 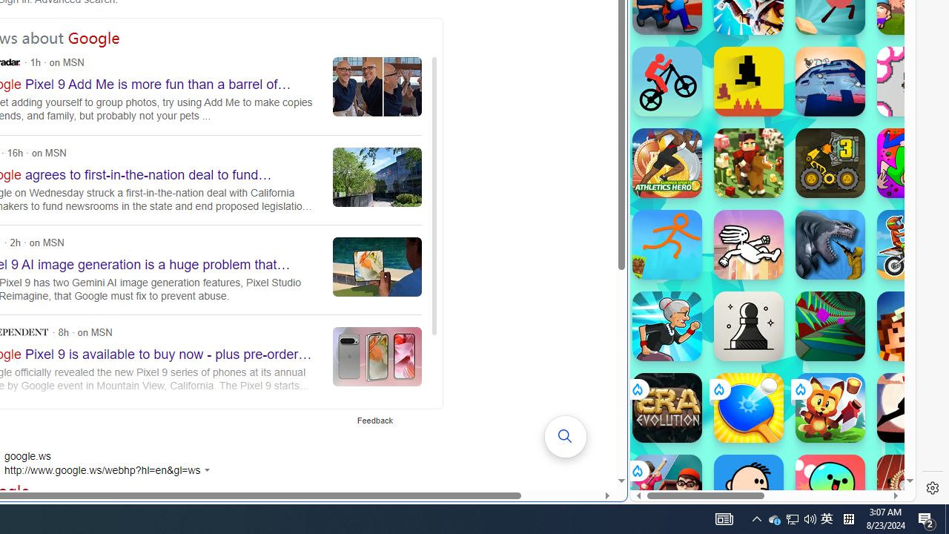 I want to click on 'Ping Pong Go!', so click(x=748, y=408).